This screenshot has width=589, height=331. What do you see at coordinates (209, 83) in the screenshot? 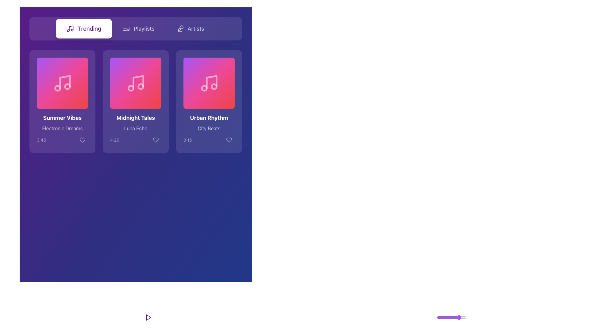
I see `the musical icon representing the 'Urban Rhythm' item, located in the third column of a three-column layout` at bounding box center [209, 83].